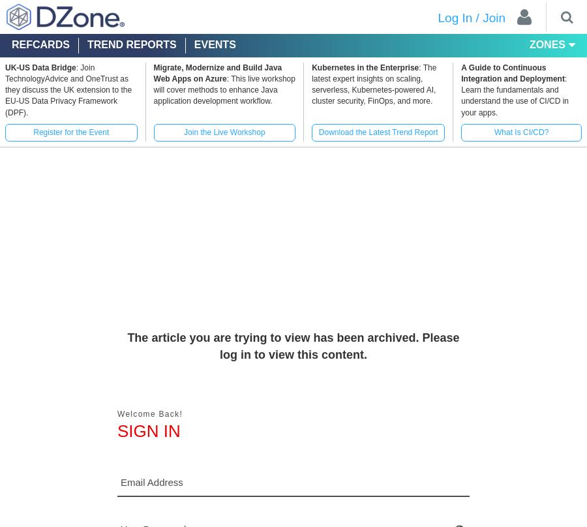 The height and width of the screenshot is (527, 587). What do you see at coordinates (5, 67) in the screenshot?
I see `'UK-US Data Bridge'` at bounding box center [5, 67].